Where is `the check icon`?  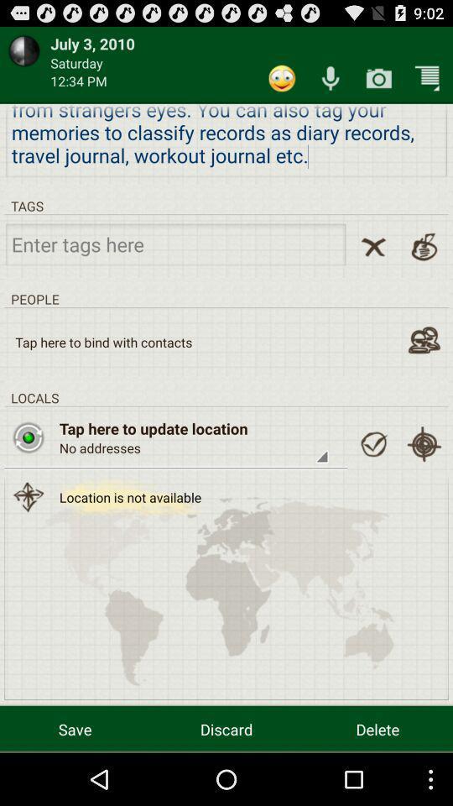 the check icon is located at coordinates (373, 475).